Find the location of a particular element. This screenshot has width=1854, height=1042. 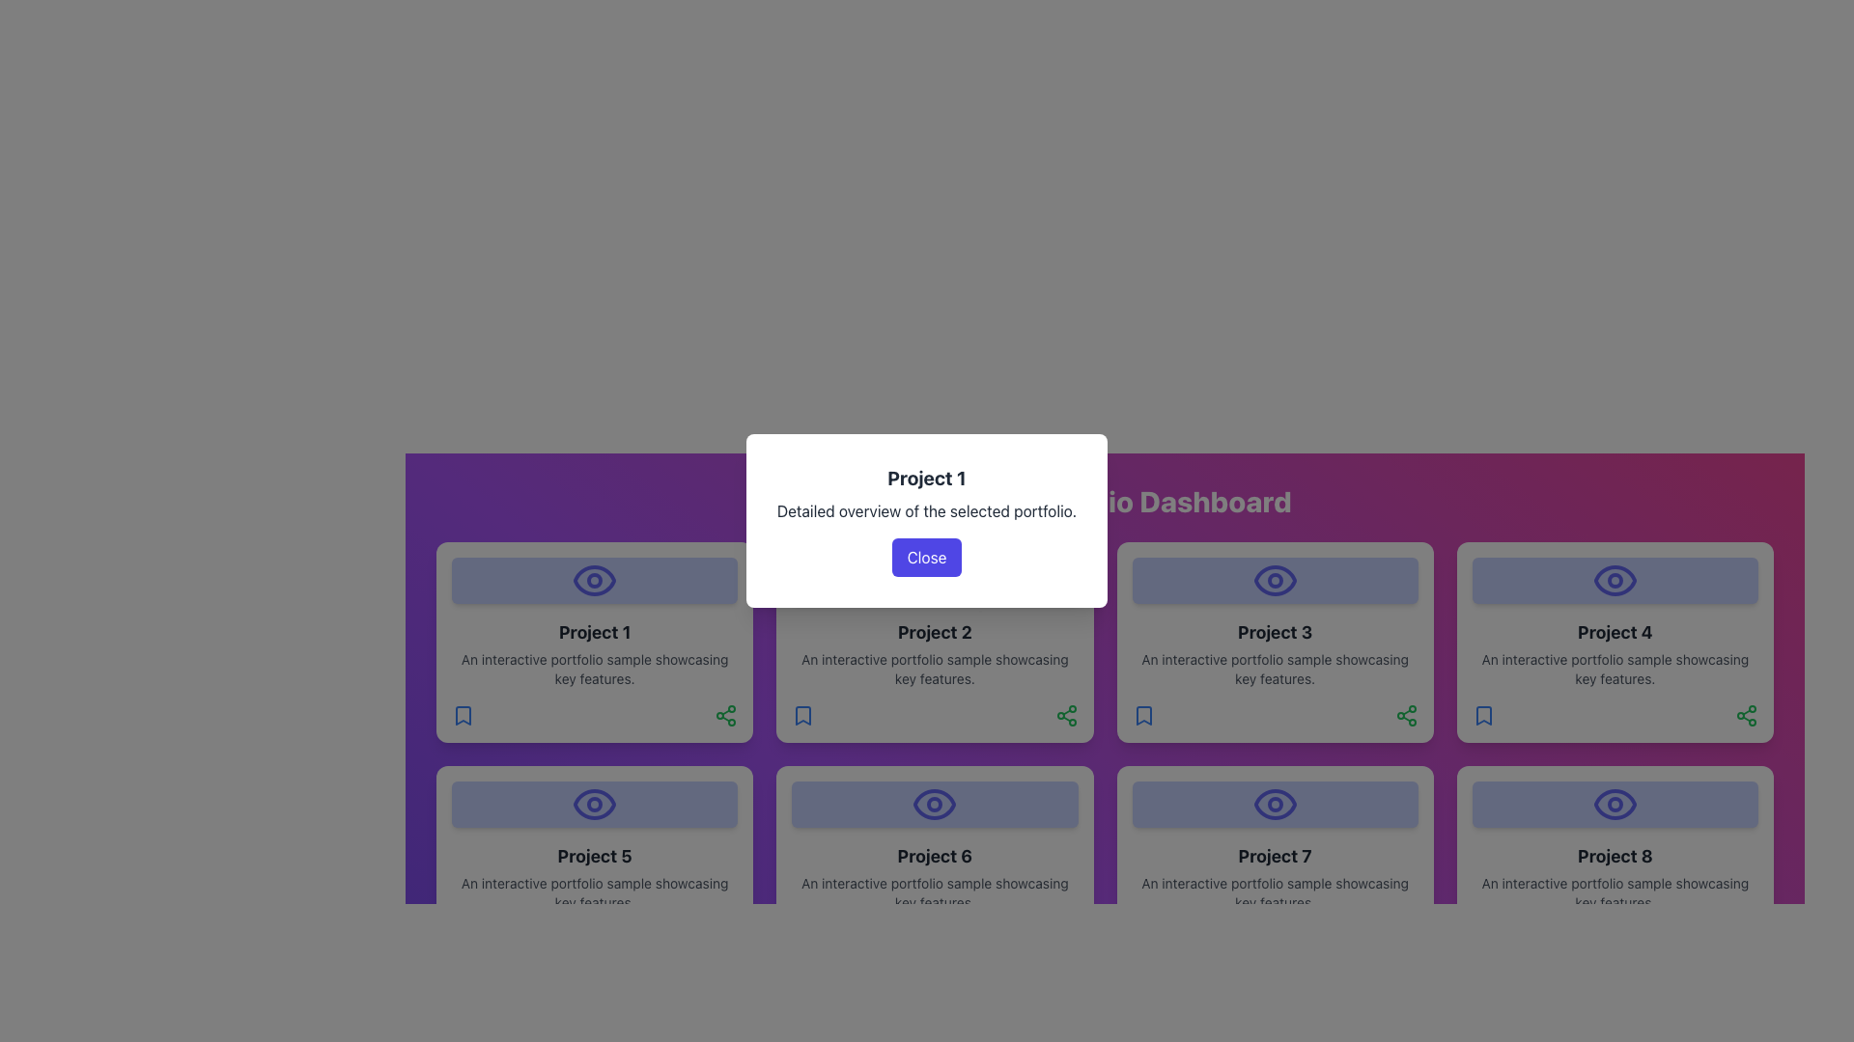

the SVG circle element that represents the pupil of the eye icon within the 'Project 1' card located in the top-left corner of the grid layout is located at coordinates (594, 579).